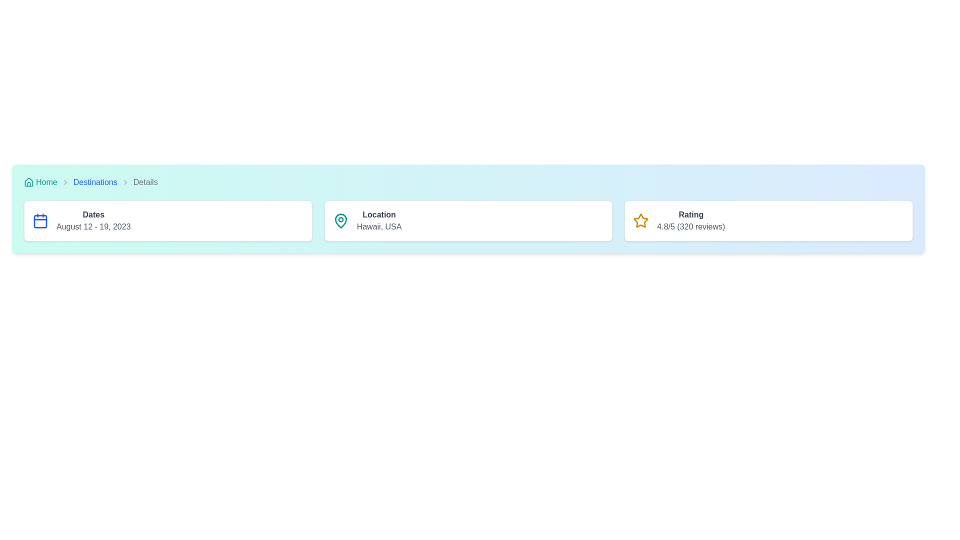  I want to click on the star icon located in the top-center area of the interface within the 'Rating' section for potential rating interaction, so click(641, 220).